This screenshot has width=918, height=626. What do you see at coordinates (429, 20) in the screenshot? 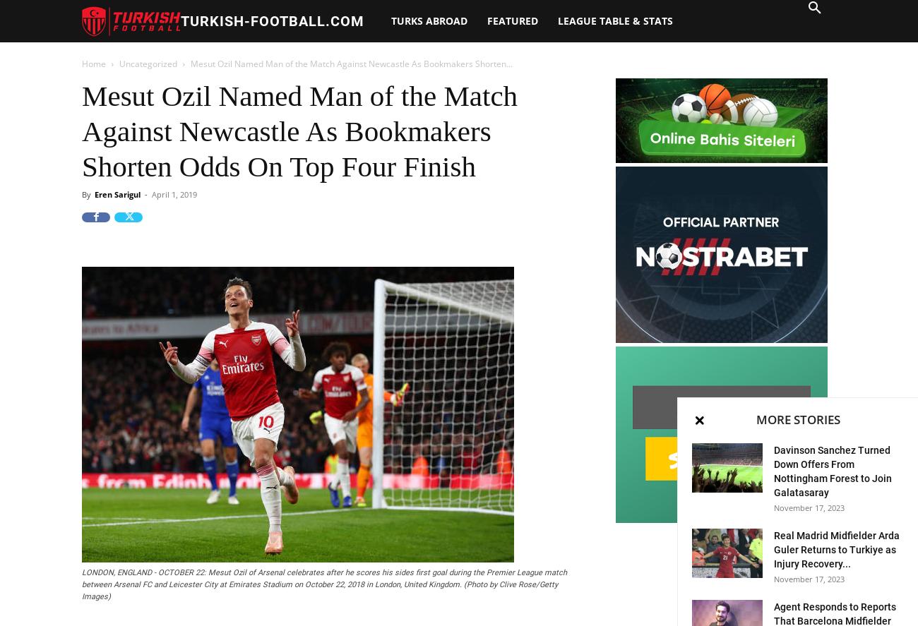
I see `'Turks Abroad'` at bounding box center [429, 20].